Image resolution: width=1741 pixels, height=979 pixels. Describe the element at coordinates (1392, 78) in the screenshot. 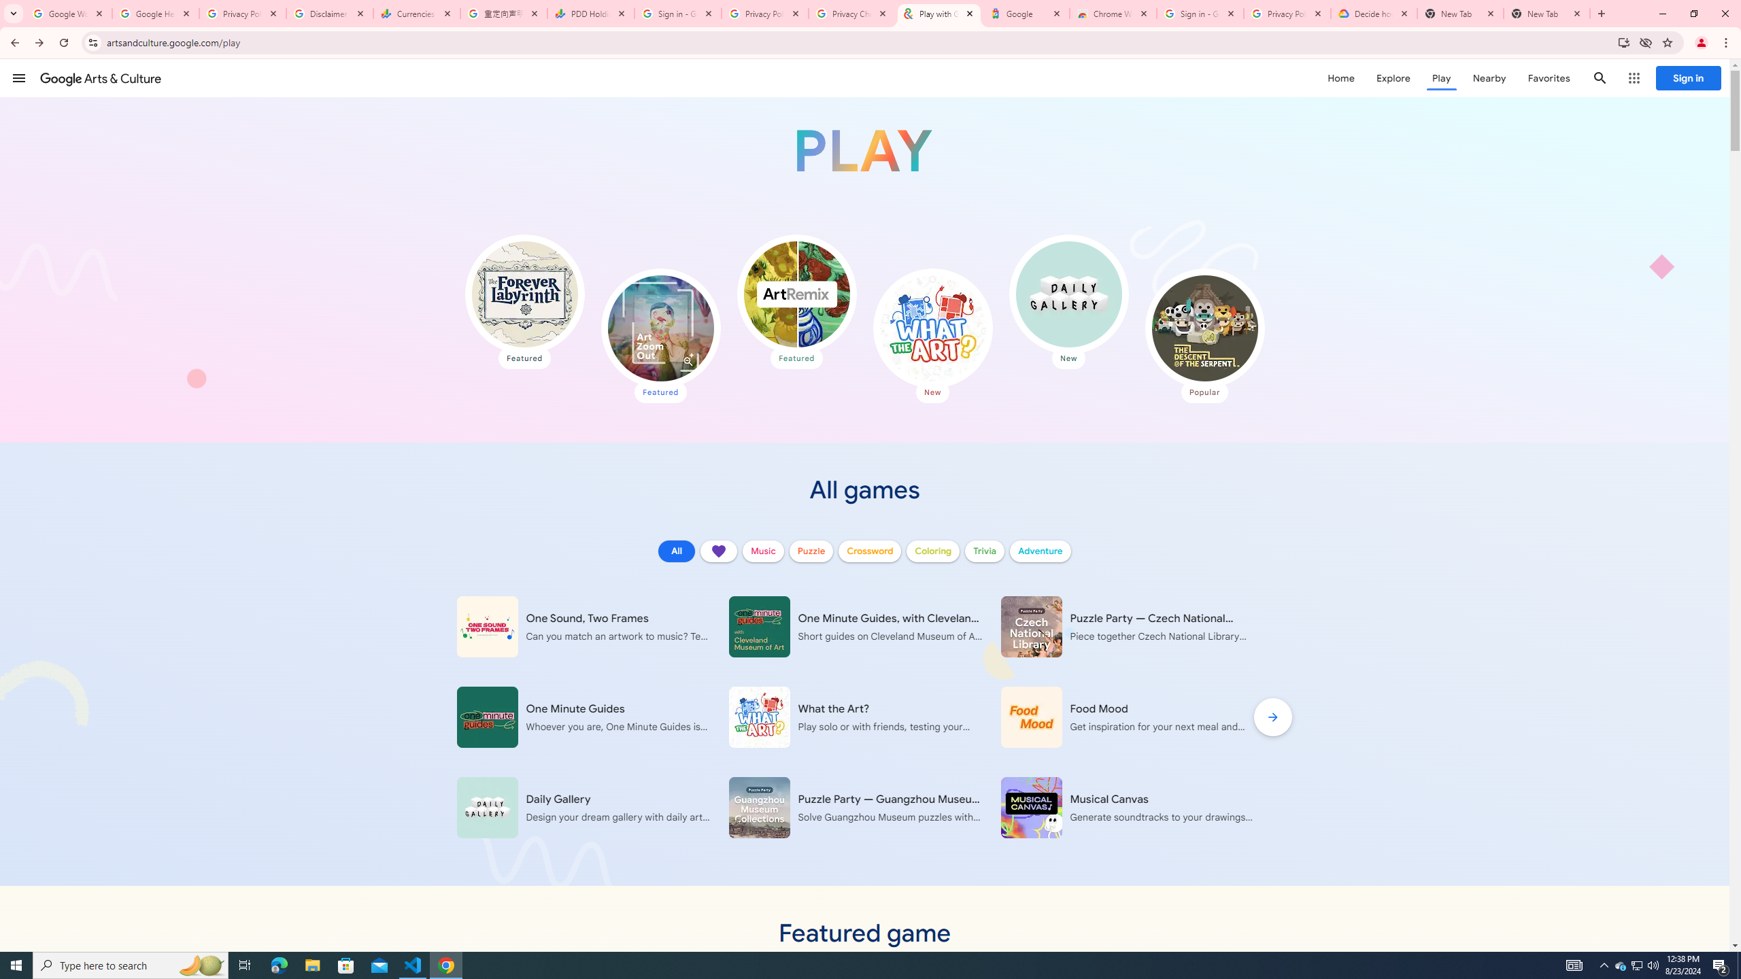

I see `'Explore'` at that location.